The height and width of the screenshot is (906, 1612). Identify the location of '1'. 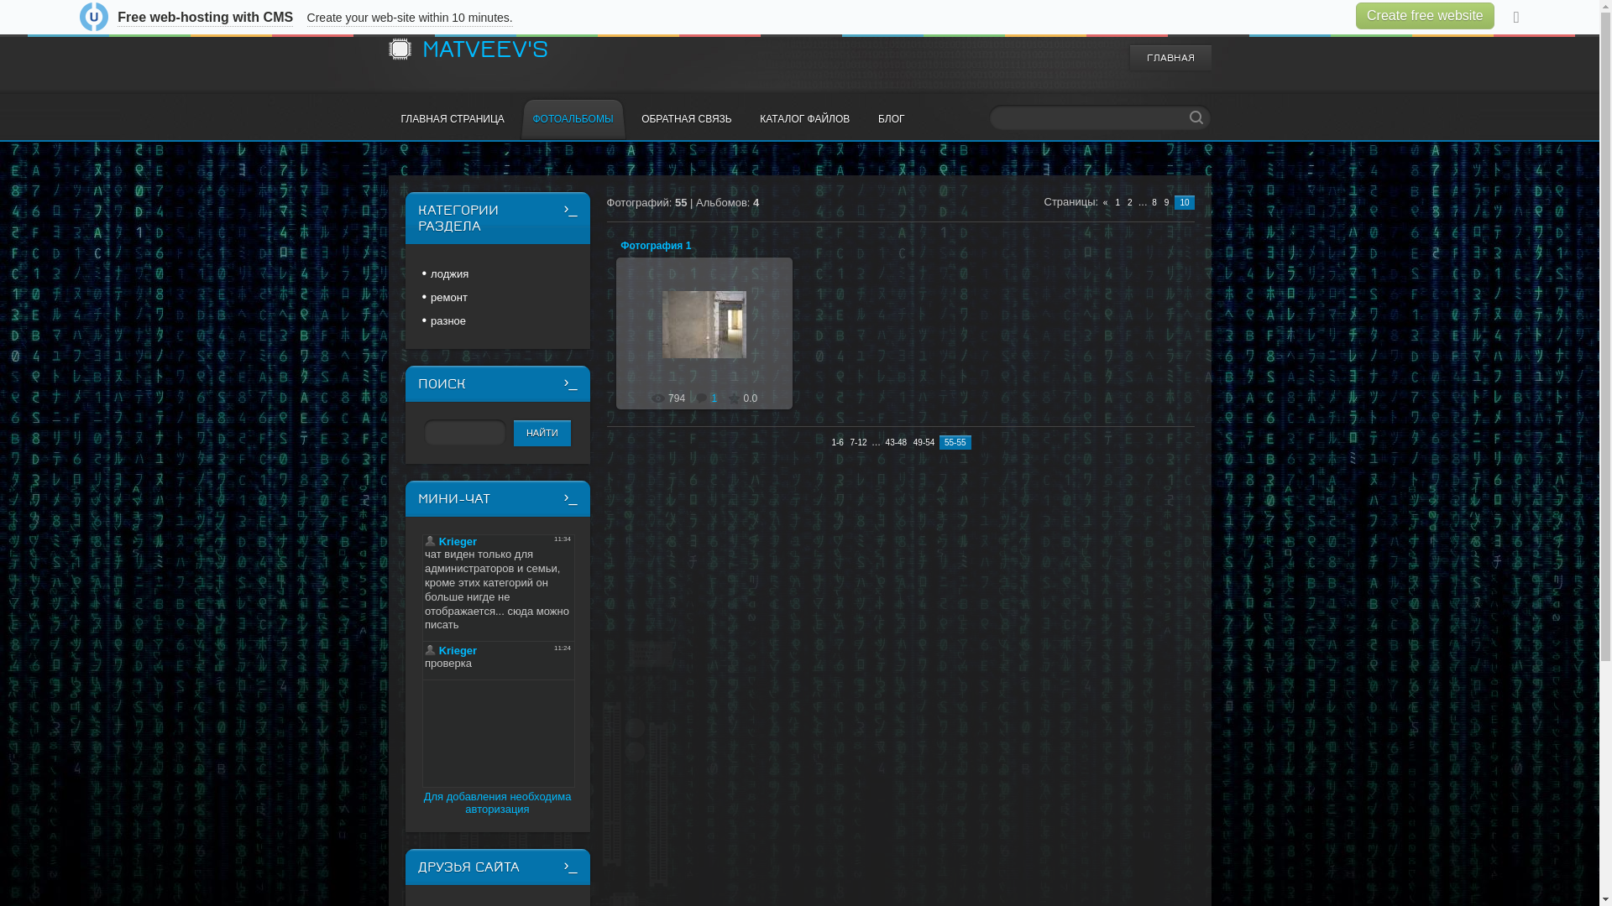
(1117, 201).